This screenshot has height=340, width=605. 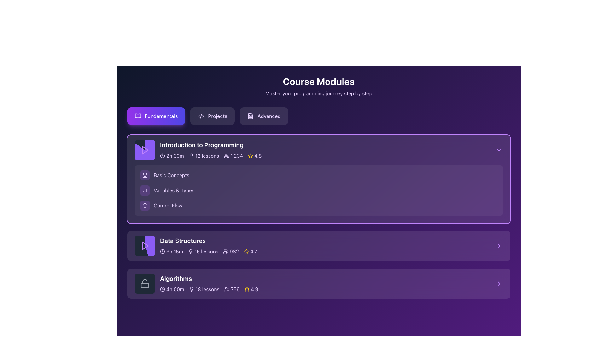 I want to click on the informational label that indicates the duration of the course module, which is positioned first among horizontally-aligned items in the 'Introduction to Programming' card, so click(x=172, y=156).